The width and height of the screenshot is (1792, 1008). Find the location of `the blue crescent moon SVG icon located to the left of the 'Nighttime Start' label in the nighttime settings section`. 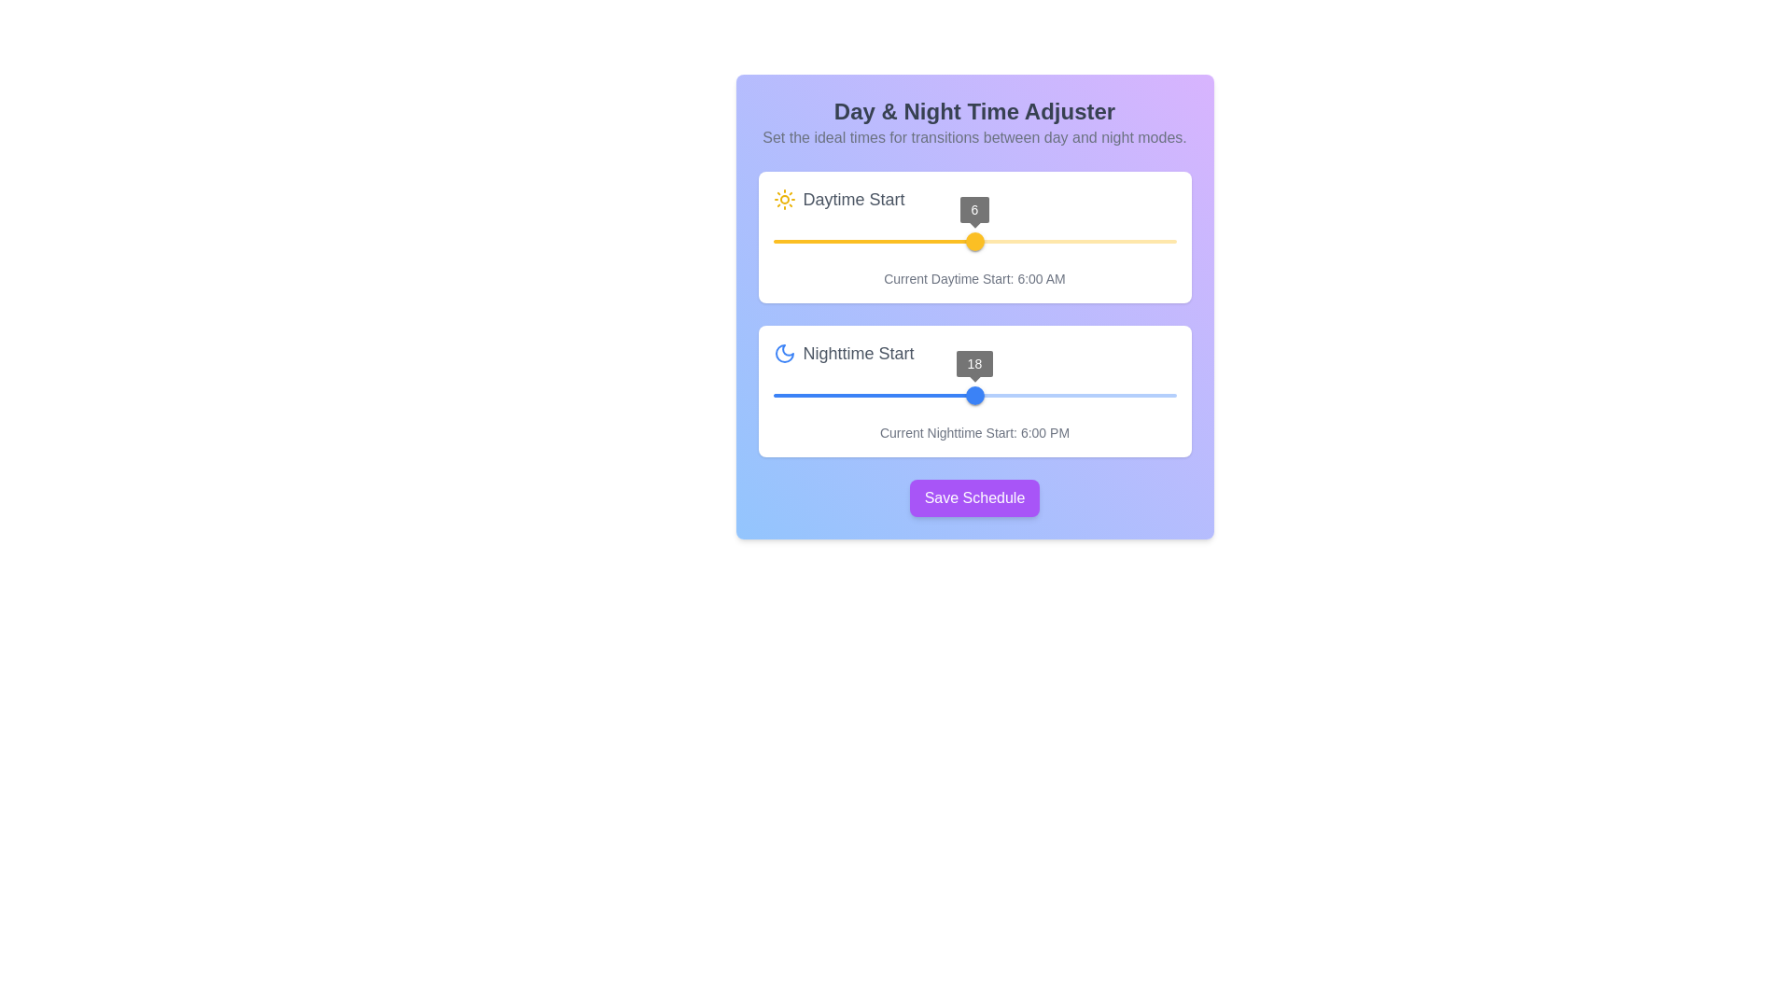

the blue crescent moon SVG icon located to the left of the 'Nighttime Start' label in the nighttime settings section is located at coordinates (784, 353).